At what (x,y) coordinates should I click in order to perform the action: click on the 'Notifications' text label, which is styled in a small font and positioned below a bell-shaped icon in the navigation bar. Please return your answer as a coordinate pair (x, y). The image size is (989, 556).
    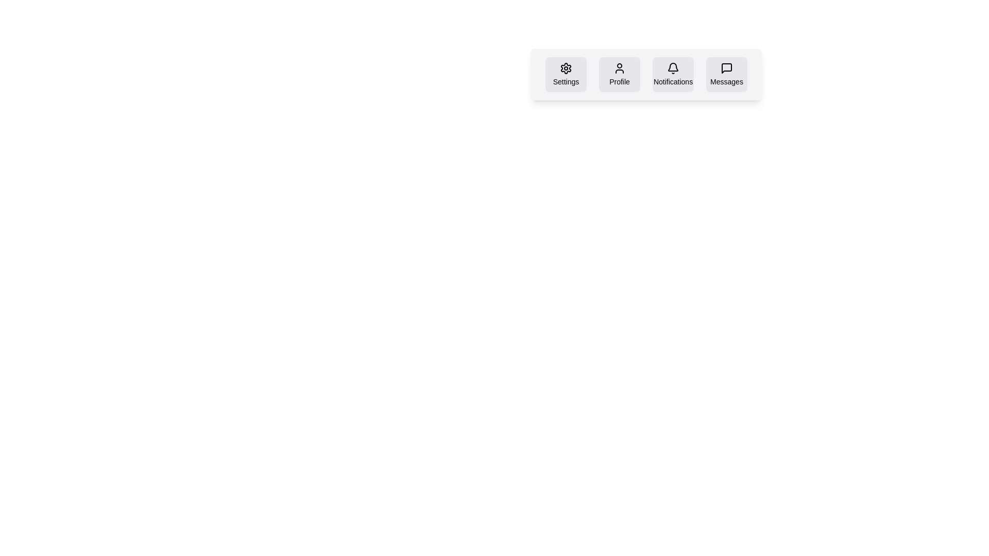
    Looking at the image, I should click on (673, 81).